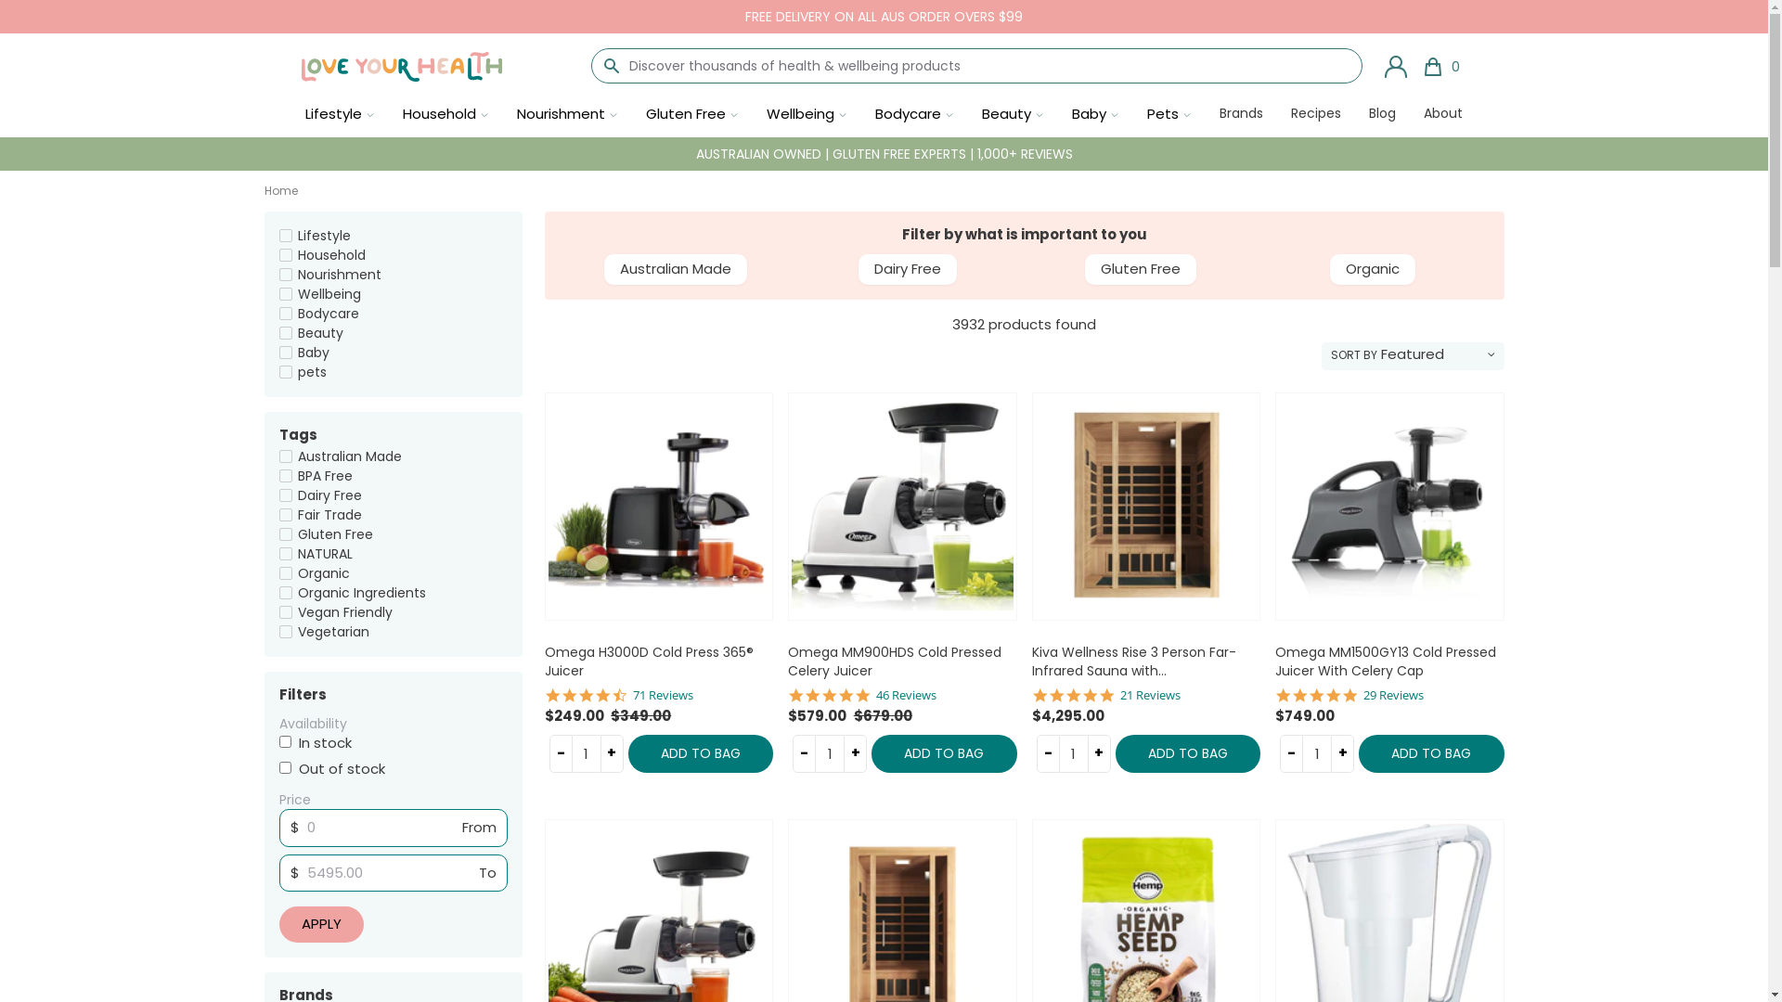 Image resolution: width=1782 pixels, height=1002 pixels. Describe the element at coordinates (298, 372) in the screenshot. I see `'pets'` at that location.